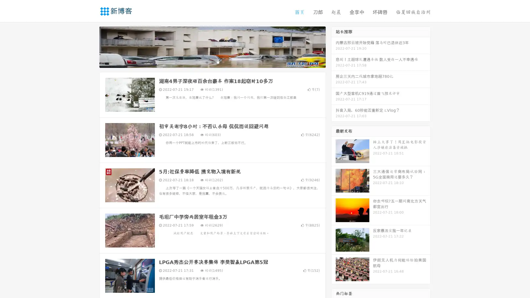 The image size is (530, 298). Describe the element at coordinates (333, 46) in the screenshot. I see `Next slide` at that location.